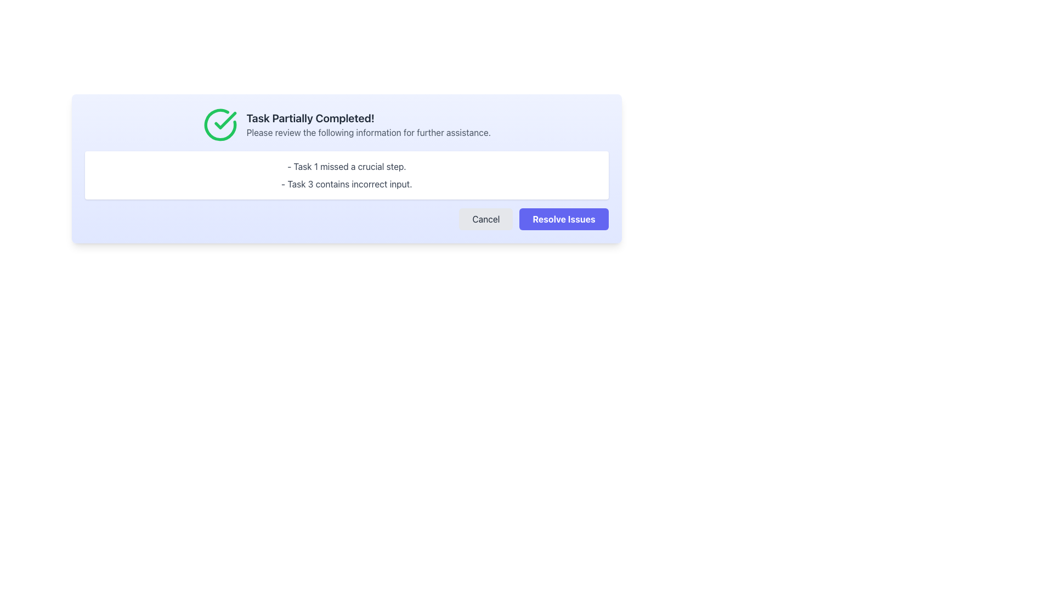 The image size is (1053, 592). I want to click on the Text Block displaying 'Task Partially Completed!' and 'Please review the following information for further assistance.', so click(369, 124).